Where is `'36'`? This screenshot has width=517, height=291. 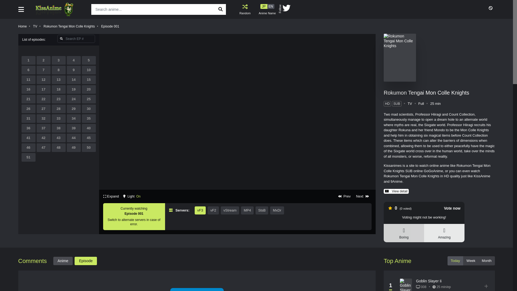
'36' is located at coordinates (28, 128).